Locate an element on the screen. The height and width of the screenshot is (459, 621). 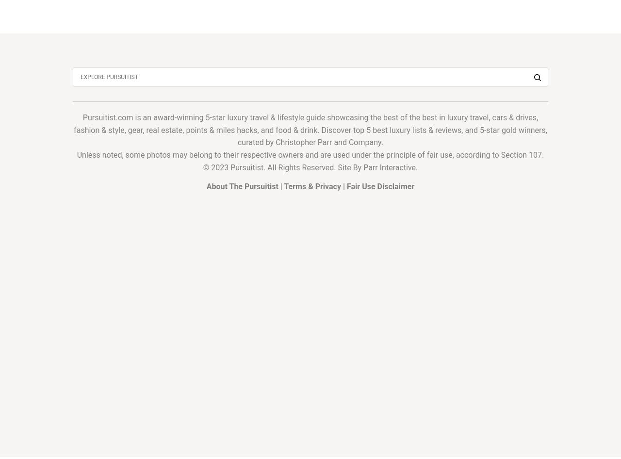
'real estate' is located at coordinates (164, 129).